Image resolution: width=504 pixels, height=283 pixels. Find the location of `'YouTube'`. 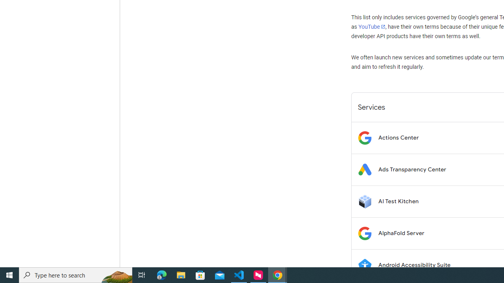

'YouTube' is located at coordinates (371, 26).